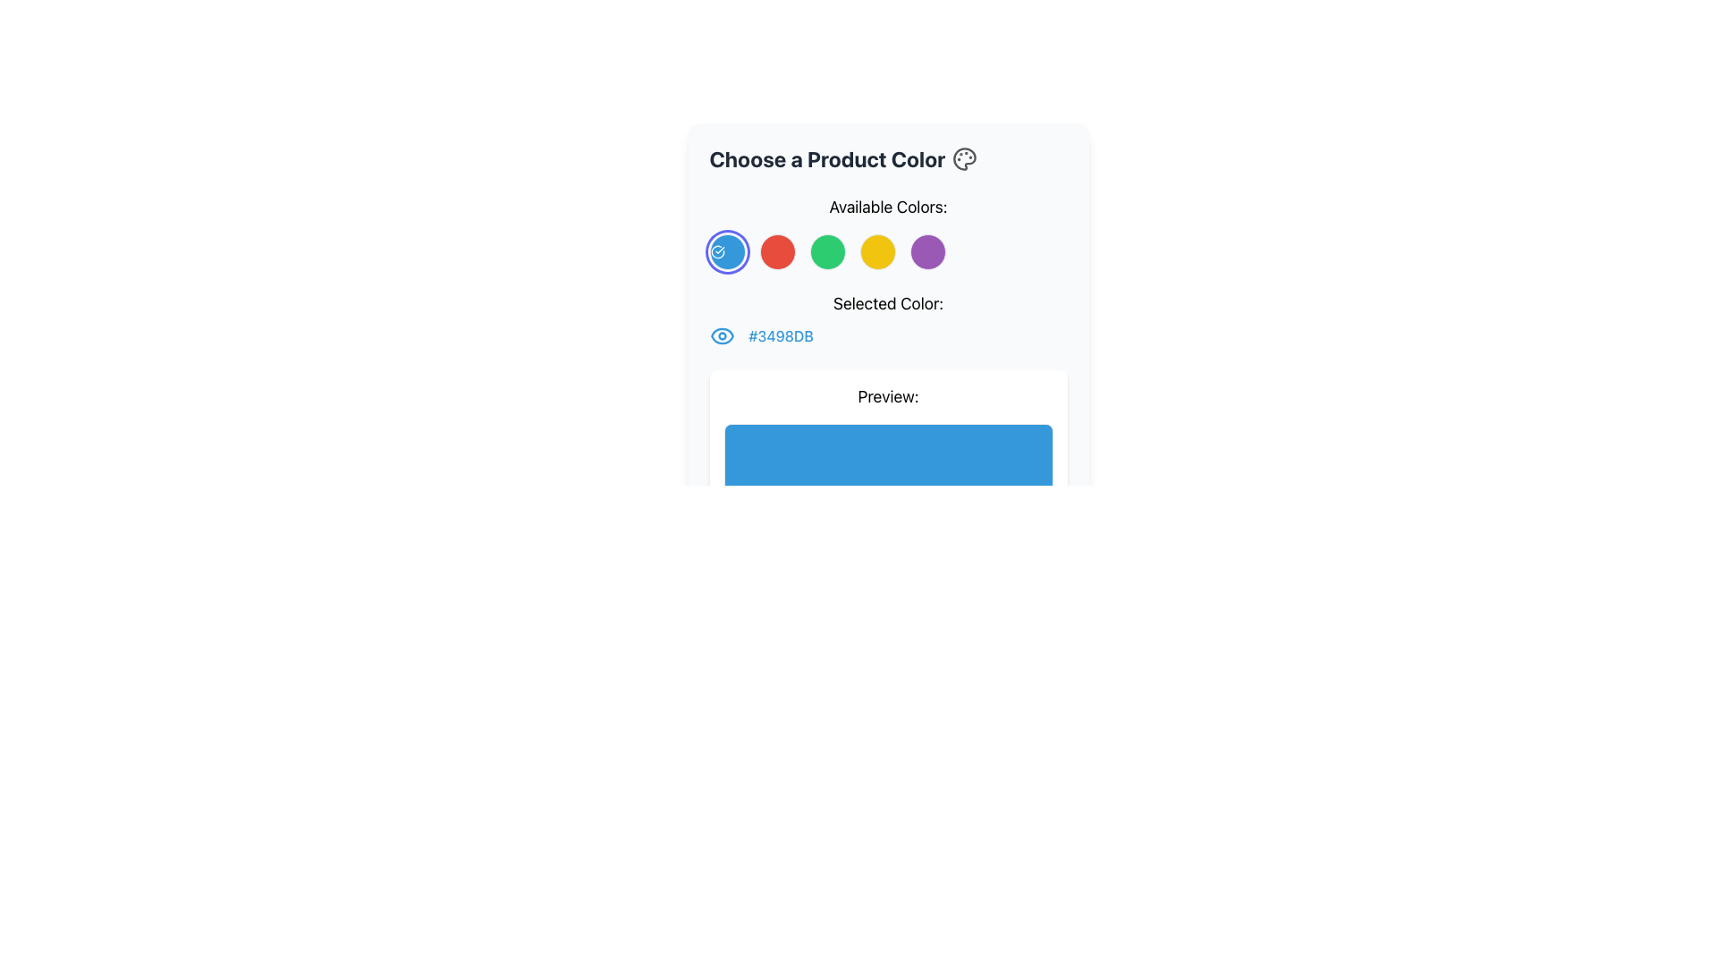 This screenshot has height=966, width=1717. What do you see at coordinates (888, 302) in the screenshot?
I see `the Static Text Label that displays 'Selected Color:', which is styled in a larger font size and is positioned centrally above the color code and associated icon` at bounding box center [888, 302].